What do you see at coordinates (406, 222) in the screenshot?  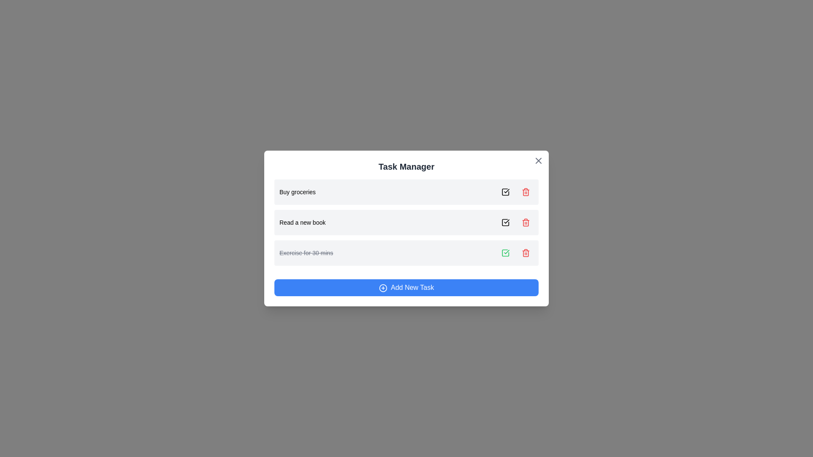 I see `the checkbox of the task list in the Task Manager` at bounding box center [406, 222].